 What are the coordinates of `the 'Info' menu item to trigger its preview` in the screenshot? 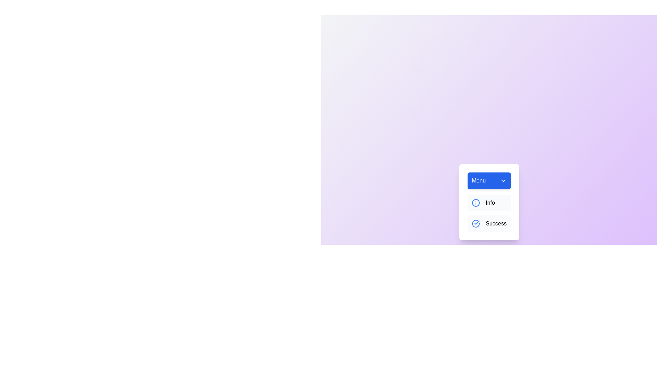 It's located at (476, 203).